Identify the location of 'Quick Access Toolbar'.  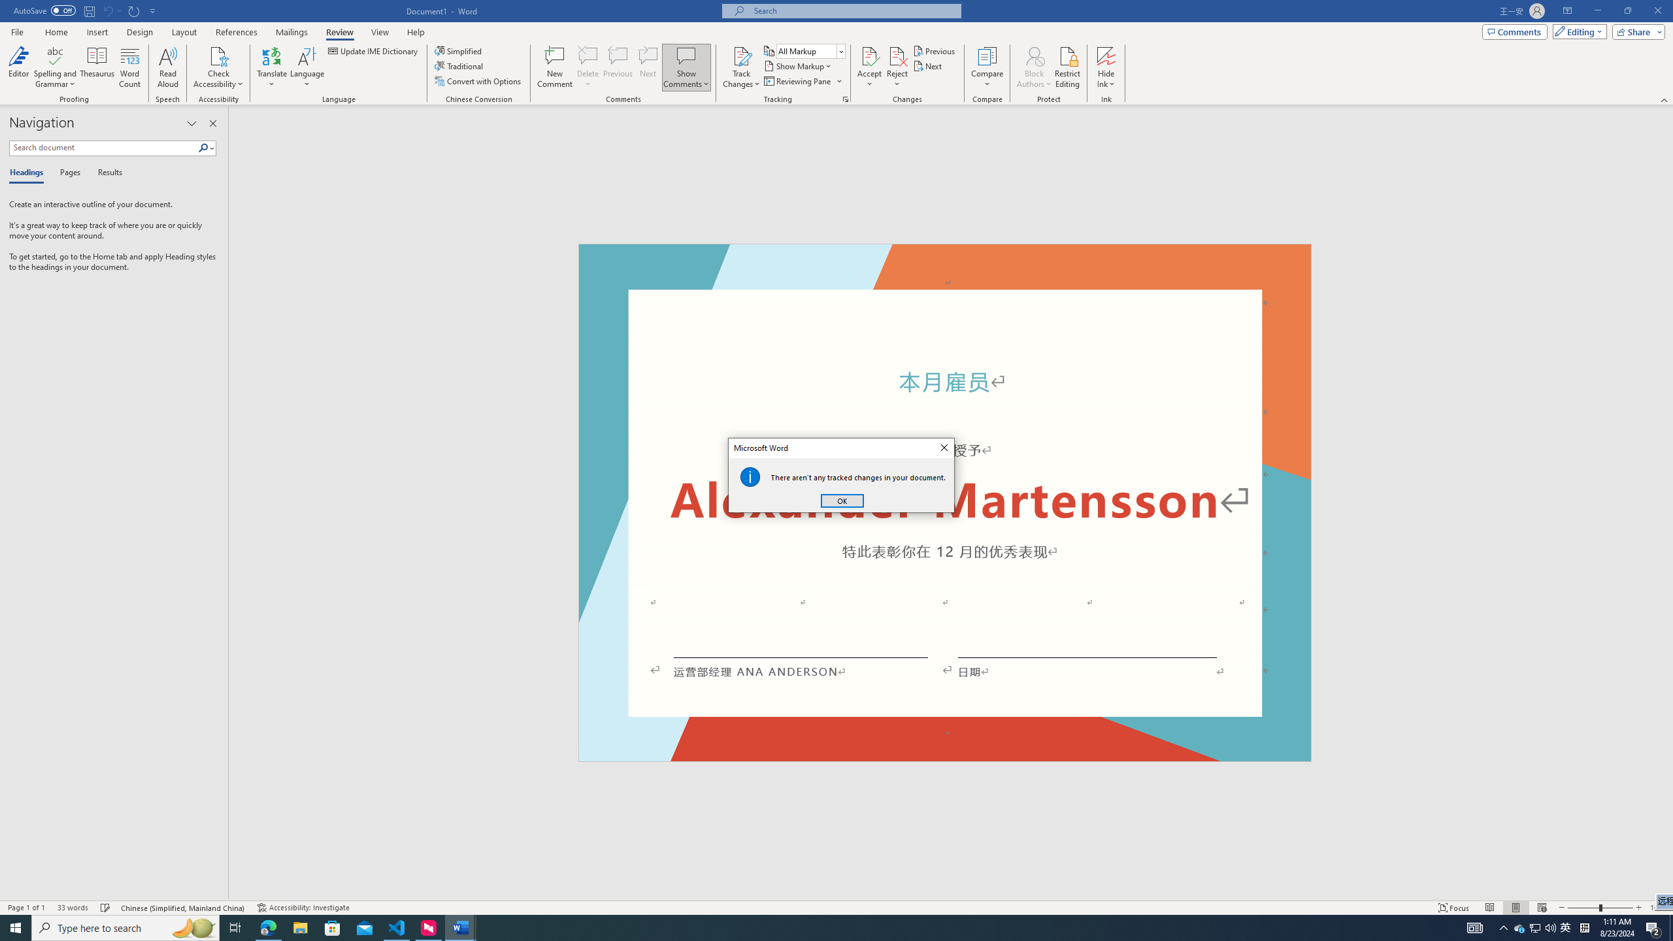
(85, 10).